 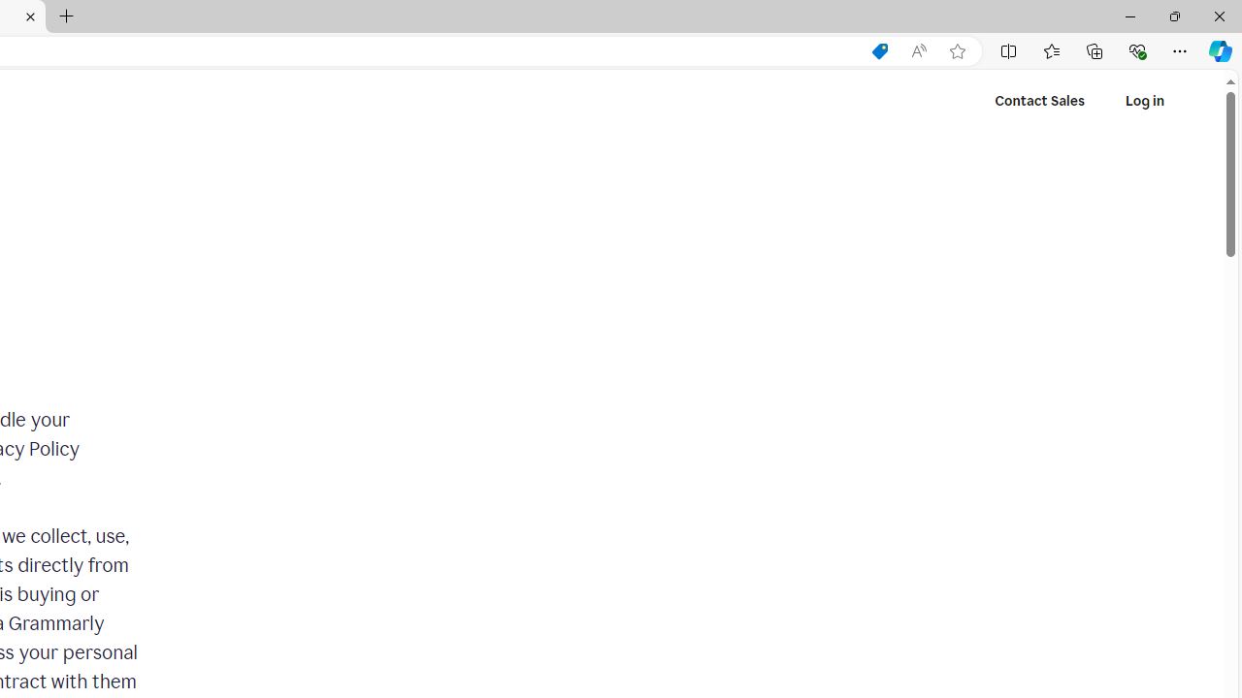 I want to click on 'Log in', so click(x=1144, y=101).